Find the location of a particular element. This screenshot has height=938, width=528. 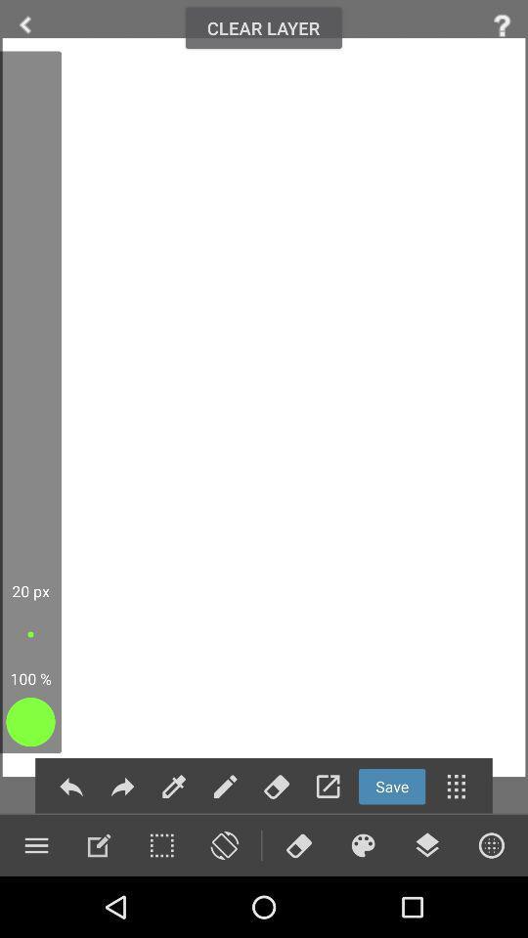

pen is located at coordinates (224, 787).